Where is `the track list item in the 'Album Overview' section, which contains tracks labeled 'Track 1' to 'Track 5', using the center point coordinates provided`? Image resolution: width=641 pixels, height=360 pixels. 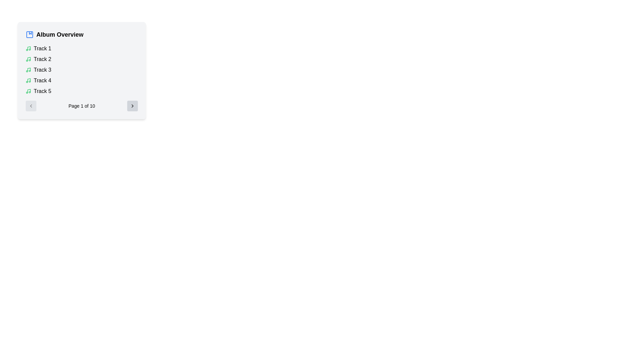 the track list item in the 'Album Overview' section, which contains tracks labeled 'Track 1' to 'Track 5', using the center point coordinates provided is located at coordinates (81, 70).